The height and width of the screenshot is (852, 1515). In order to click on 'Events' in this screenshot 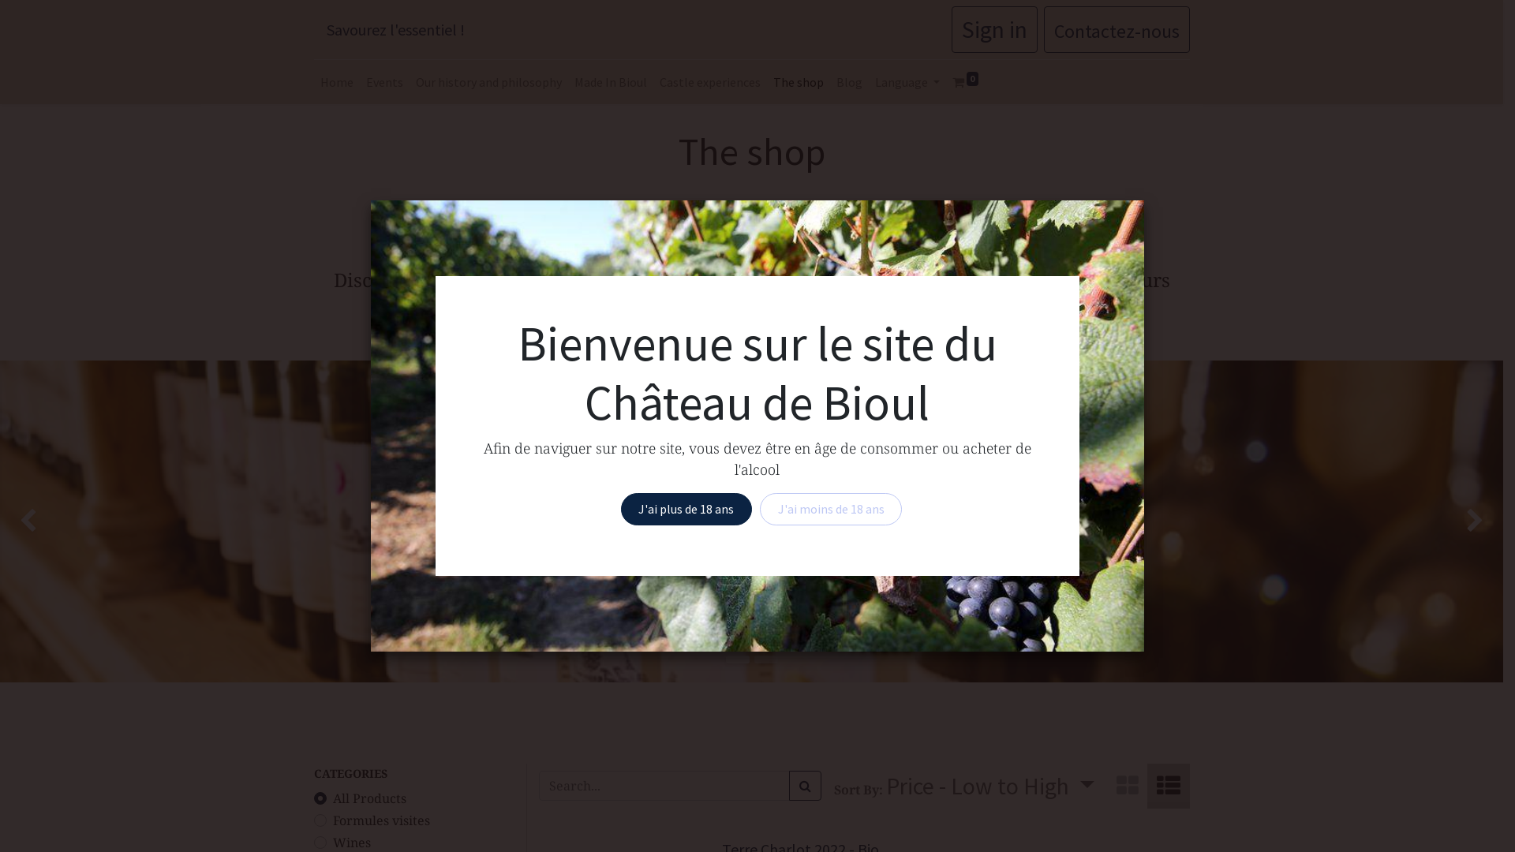, I will do `click(384, 82)`.